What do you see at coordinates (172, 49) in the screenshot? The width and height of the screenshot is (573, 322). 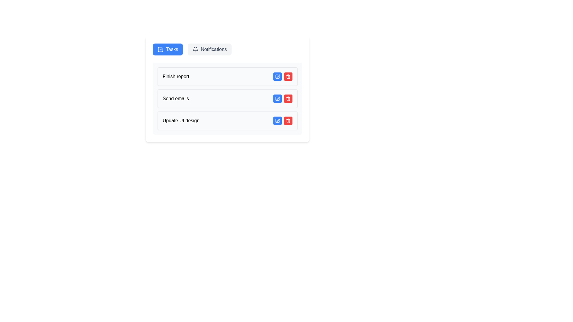 I see `the 'Tasks' label within the button` at bounding box center [172, 49].